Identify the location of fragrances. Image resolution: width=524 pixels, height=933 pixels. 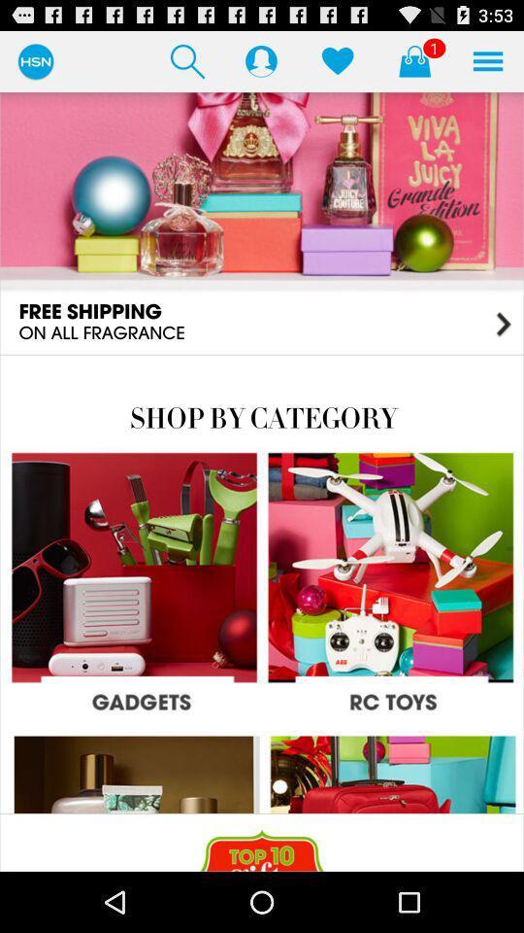
(262, 223).